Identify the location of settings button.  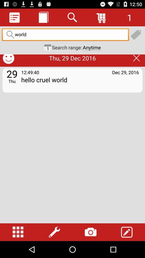
(54, 232).